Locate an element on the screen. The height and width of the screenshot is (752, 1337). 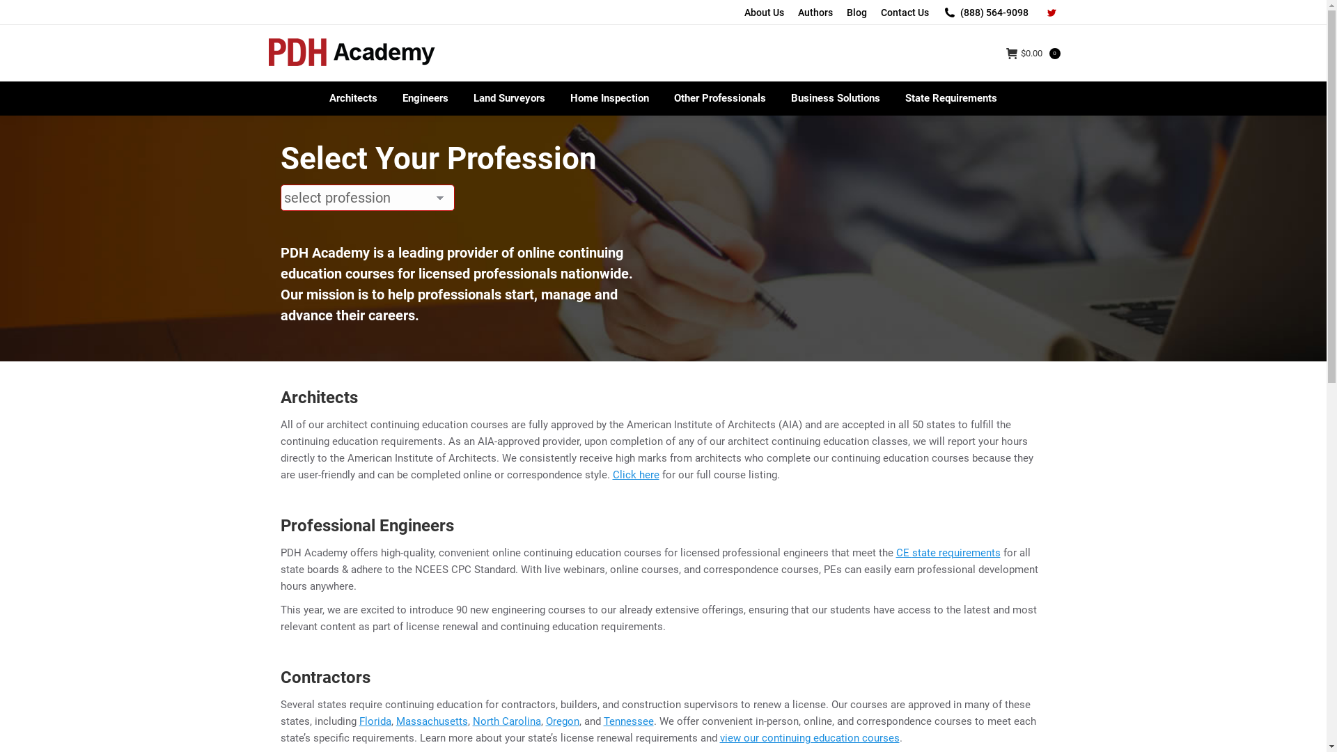
'$0.00 is located at coordinates (1033, 52).